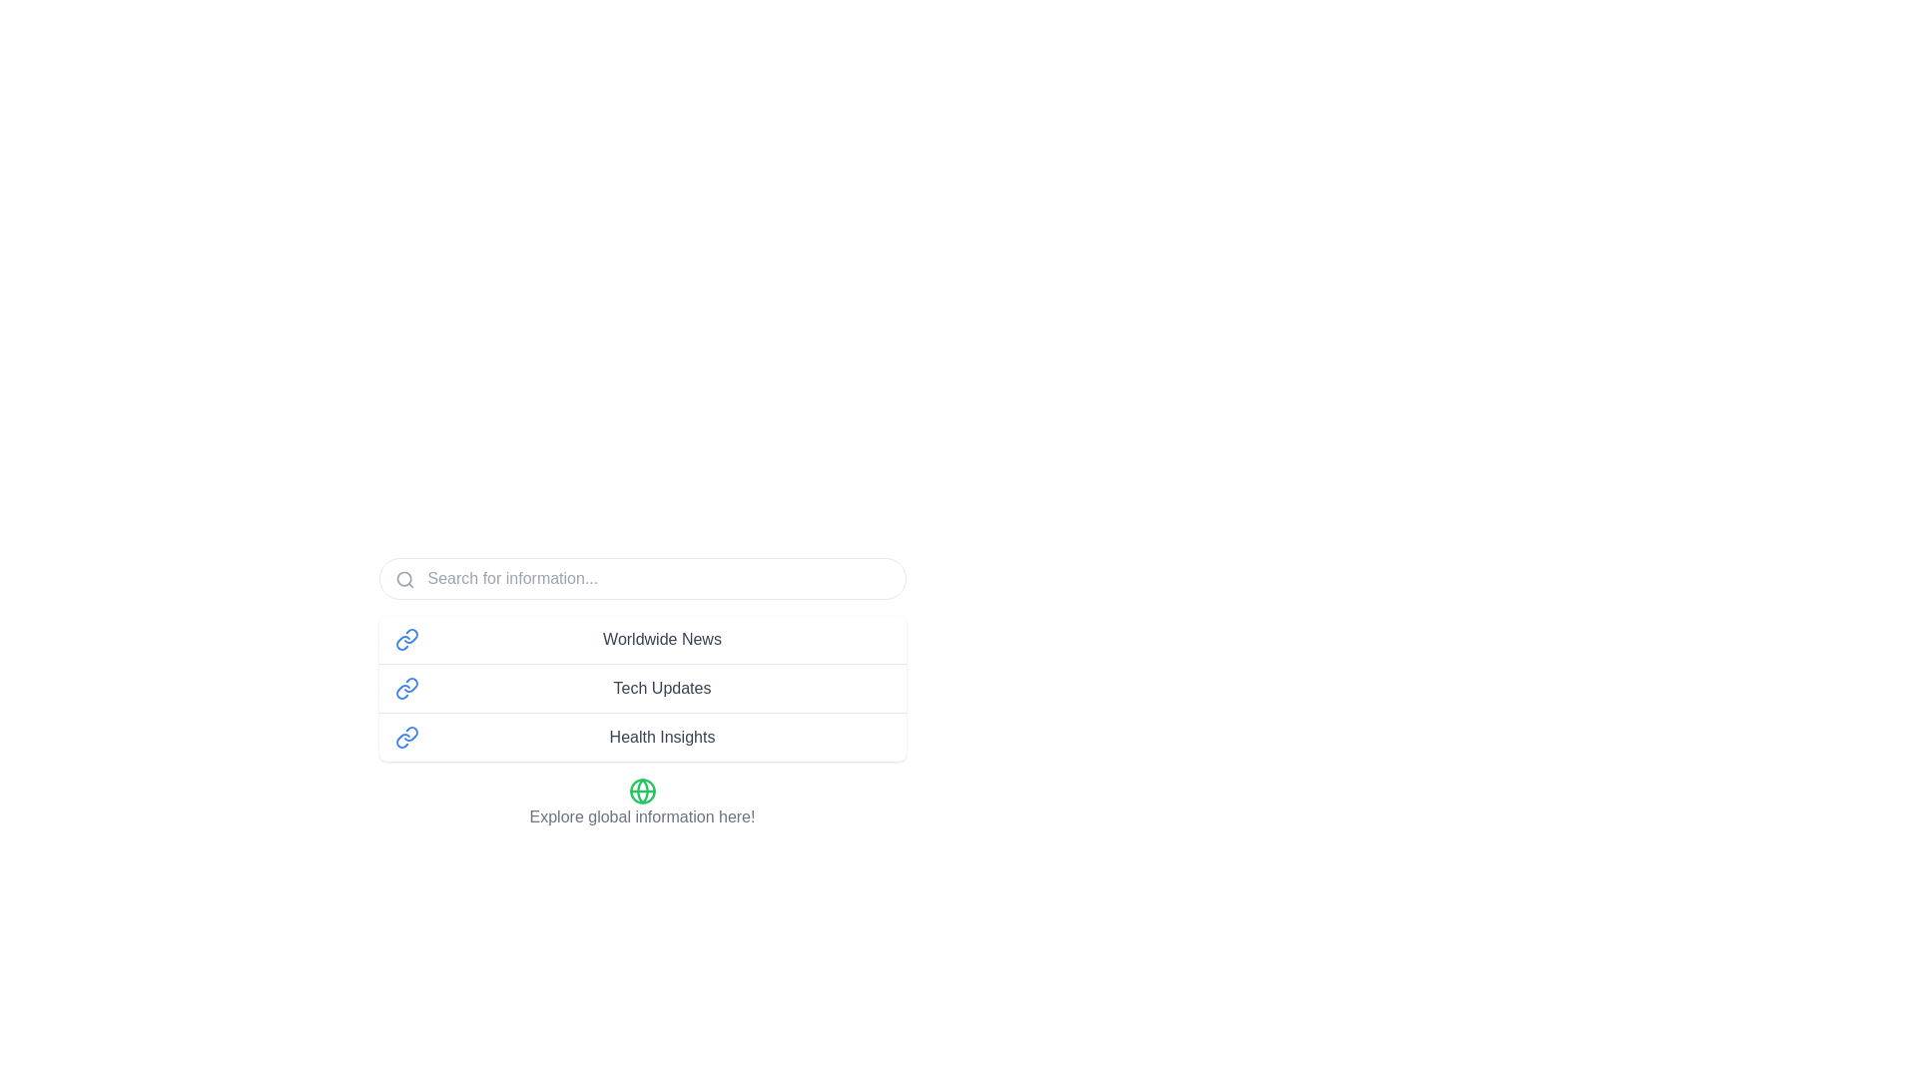 The height and width of the screenshot is (1078, 1917). I want to click on the first list item styled with a white background and a blue chain link icon, titled 'Worldwide News', so click(642, 639).